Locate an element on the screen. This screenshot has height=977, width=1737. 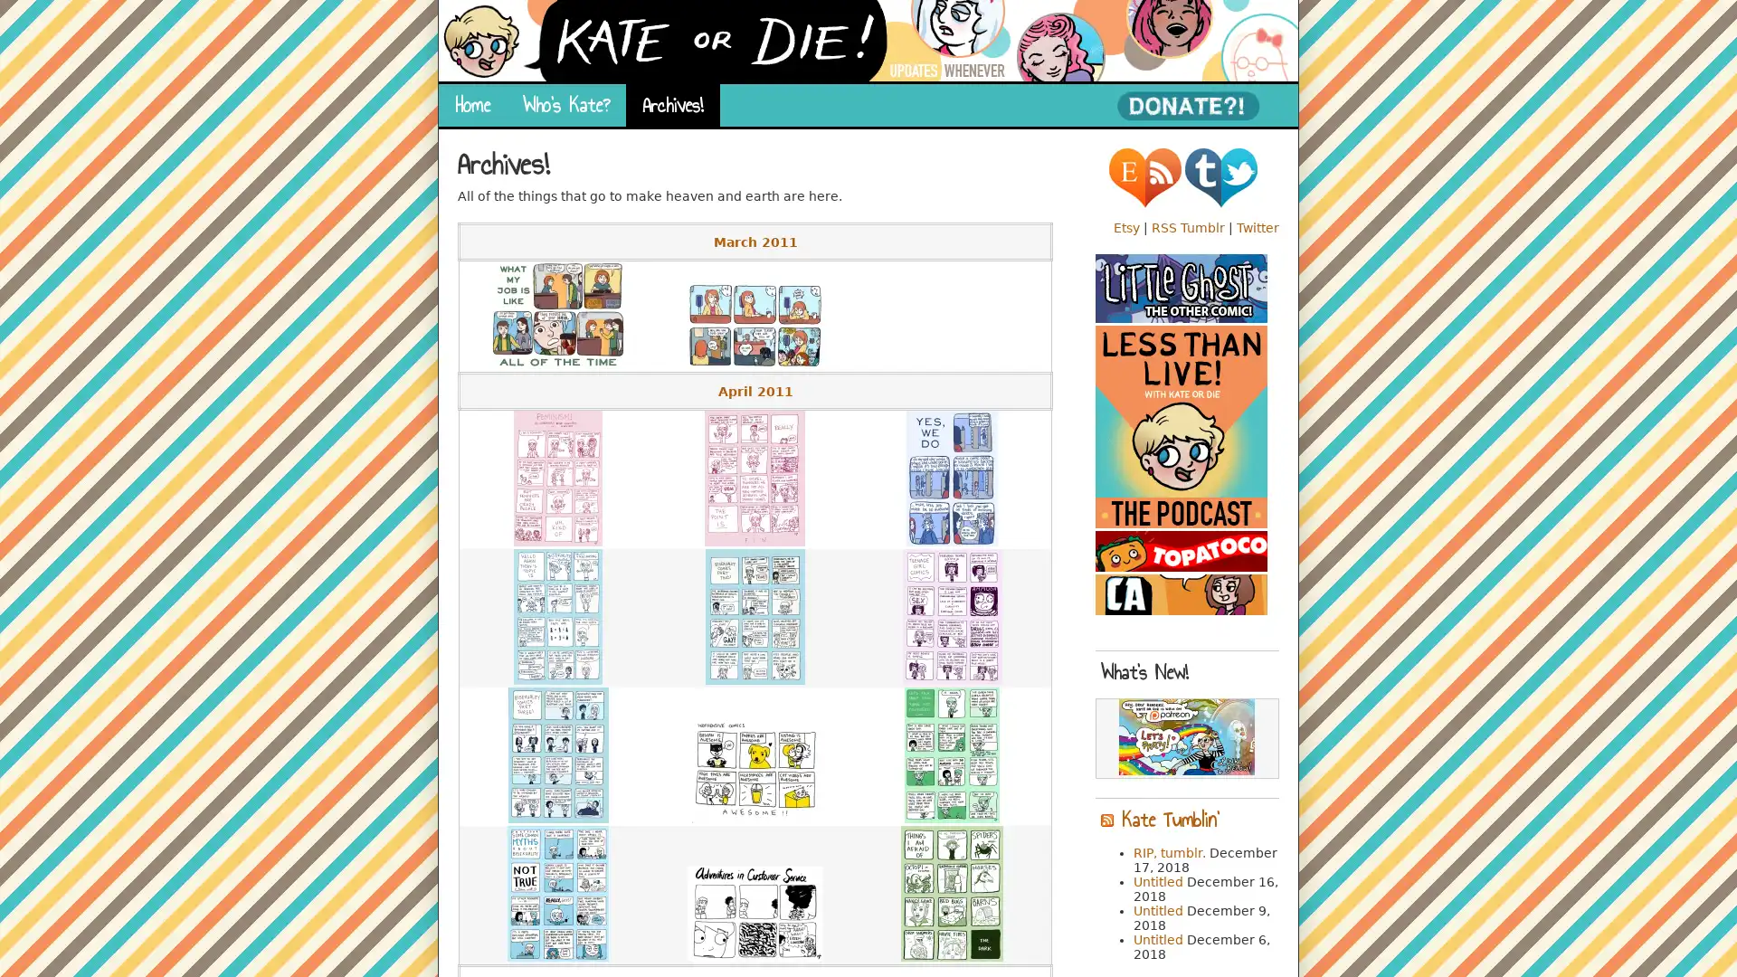
PayPal - The safer, easier way to pay online! is located at coordinates (1187, 106).